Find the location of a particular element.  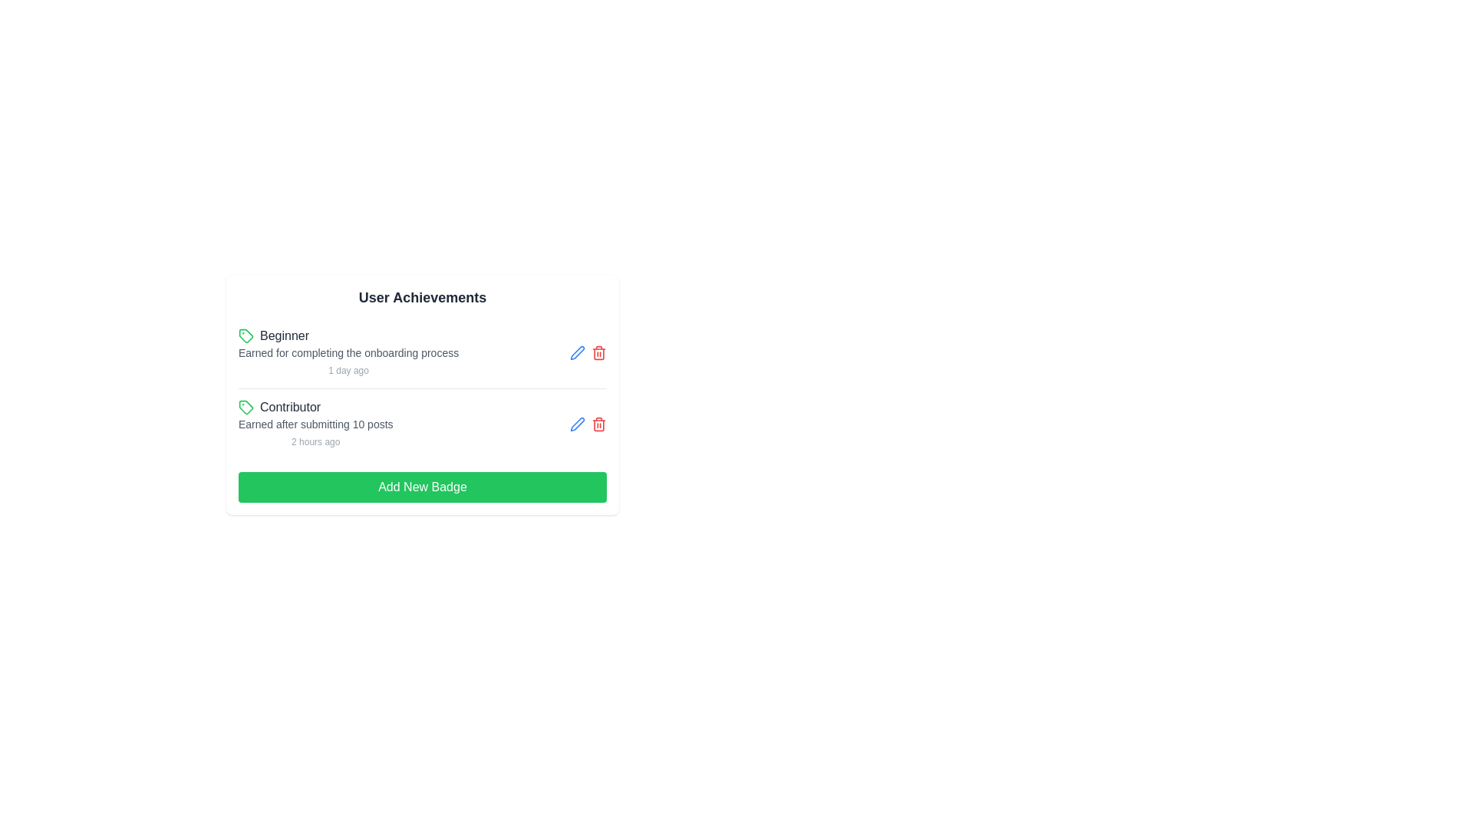

the blue outlined pen/pencil icon located next to the 'Contributor' badge in the 'User Achievements' section is located at coordinates (577, 352).